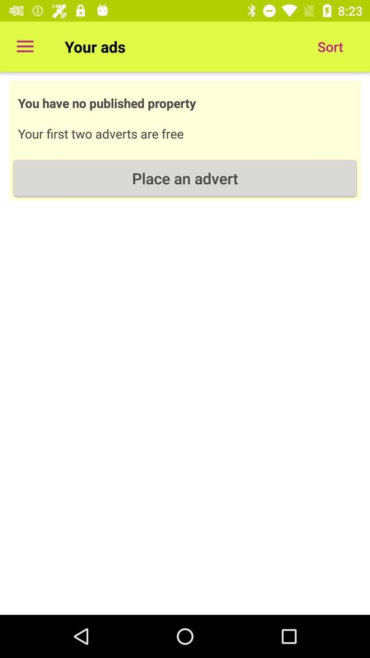 The height and width of the screenshot is (658, 370). Describe the element at coordinates (330, 46) in the screenshot. I see `the sort` at that location.